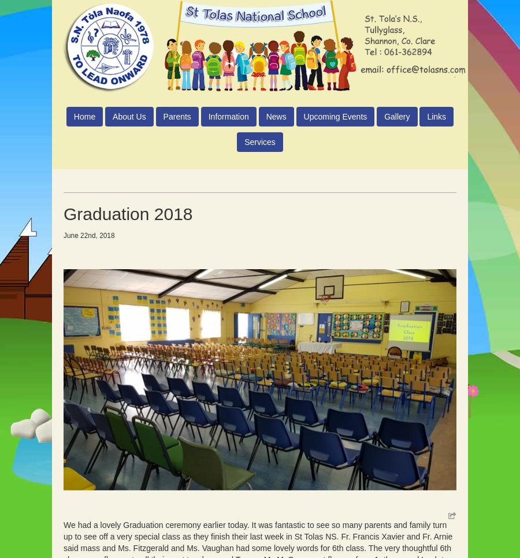 The image size is (520, 558). Describe the element at coordinates (84, 116) in the screenshot. I see `'Home'` at that location.